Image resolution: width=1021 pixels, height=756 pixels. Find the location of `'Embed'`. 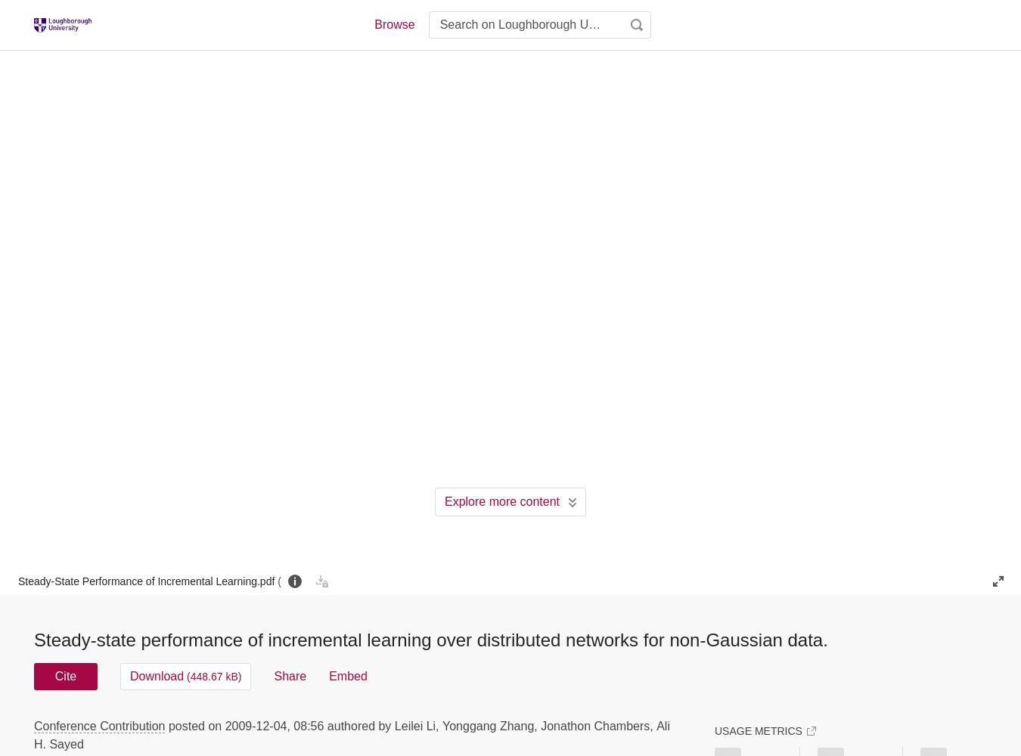

'Embed' is located at coordinates (346, 675).